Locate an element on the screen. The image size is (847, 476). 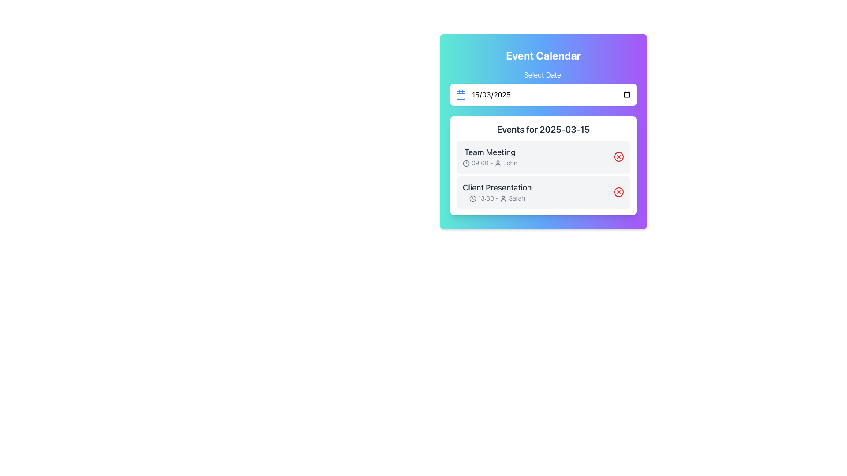
the Event Information Panel for the 'Client Presentation' event is located at coordinates (543, 191).